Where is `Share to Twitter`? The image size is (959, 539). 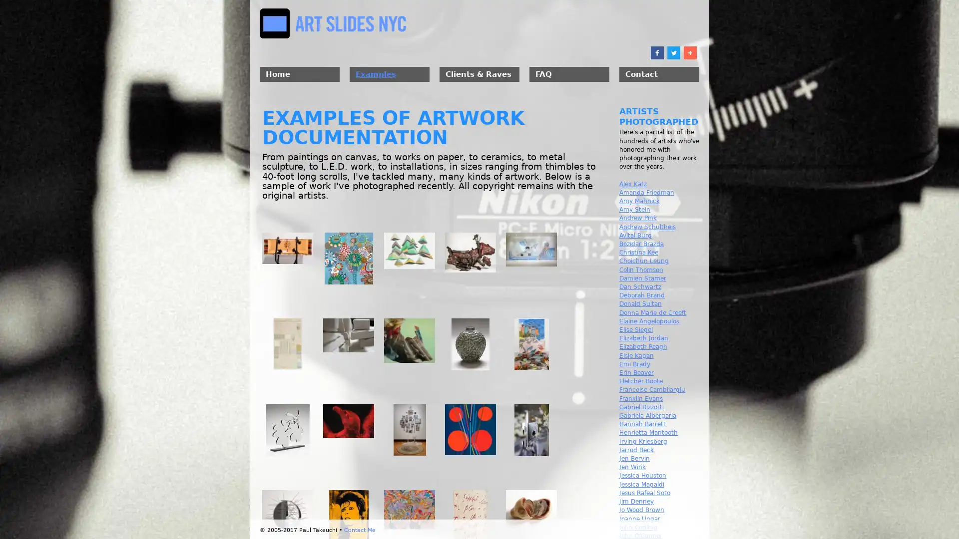
Share to Twitter is located at coordinates (676, 52).